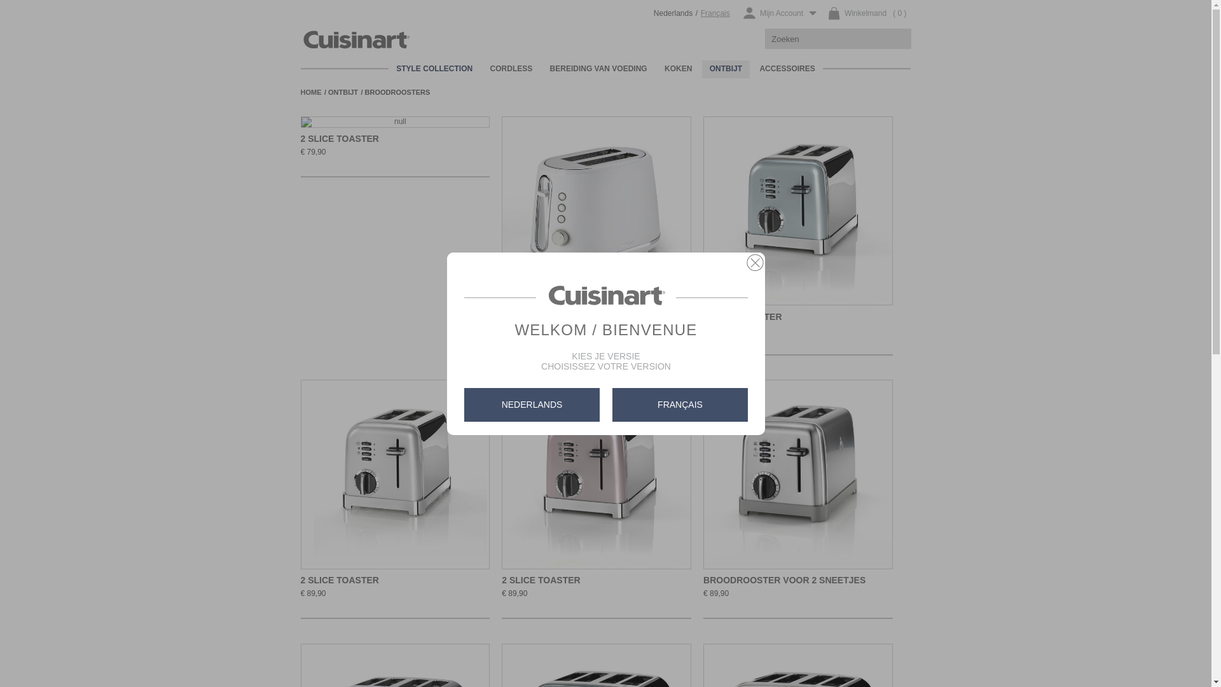  Describe the element at coordinates (345, 92) in the screenshot. I see `'ONTBIJT'` at that location.